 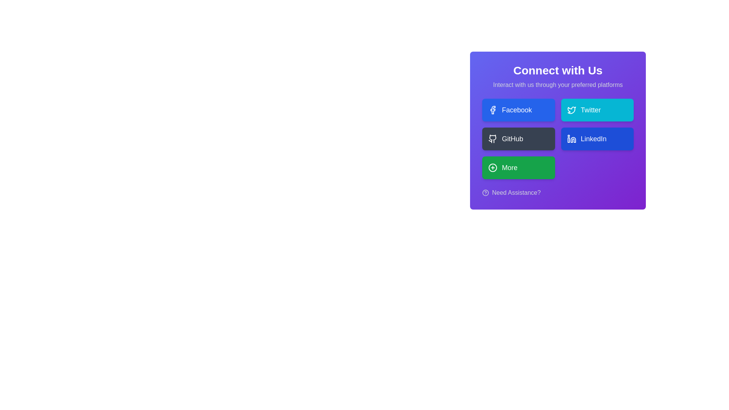 What do you see at coordinates (518, 139) in the screenshot?
I see `the 'GitHub' button, which has a dark grey background, white text, and a GitHub logo on the left side, located in the second row and first column of the grid layout` at bounding box center [518, 139].